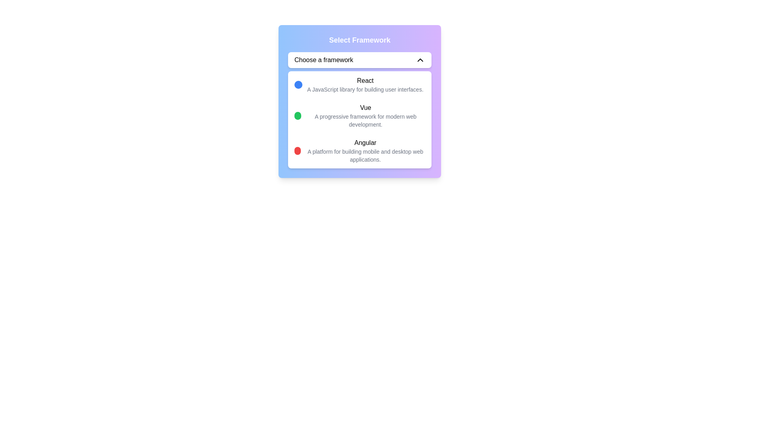  I want to click on the chevron icon within the 'Choose a framework' button, so click(420, 59).